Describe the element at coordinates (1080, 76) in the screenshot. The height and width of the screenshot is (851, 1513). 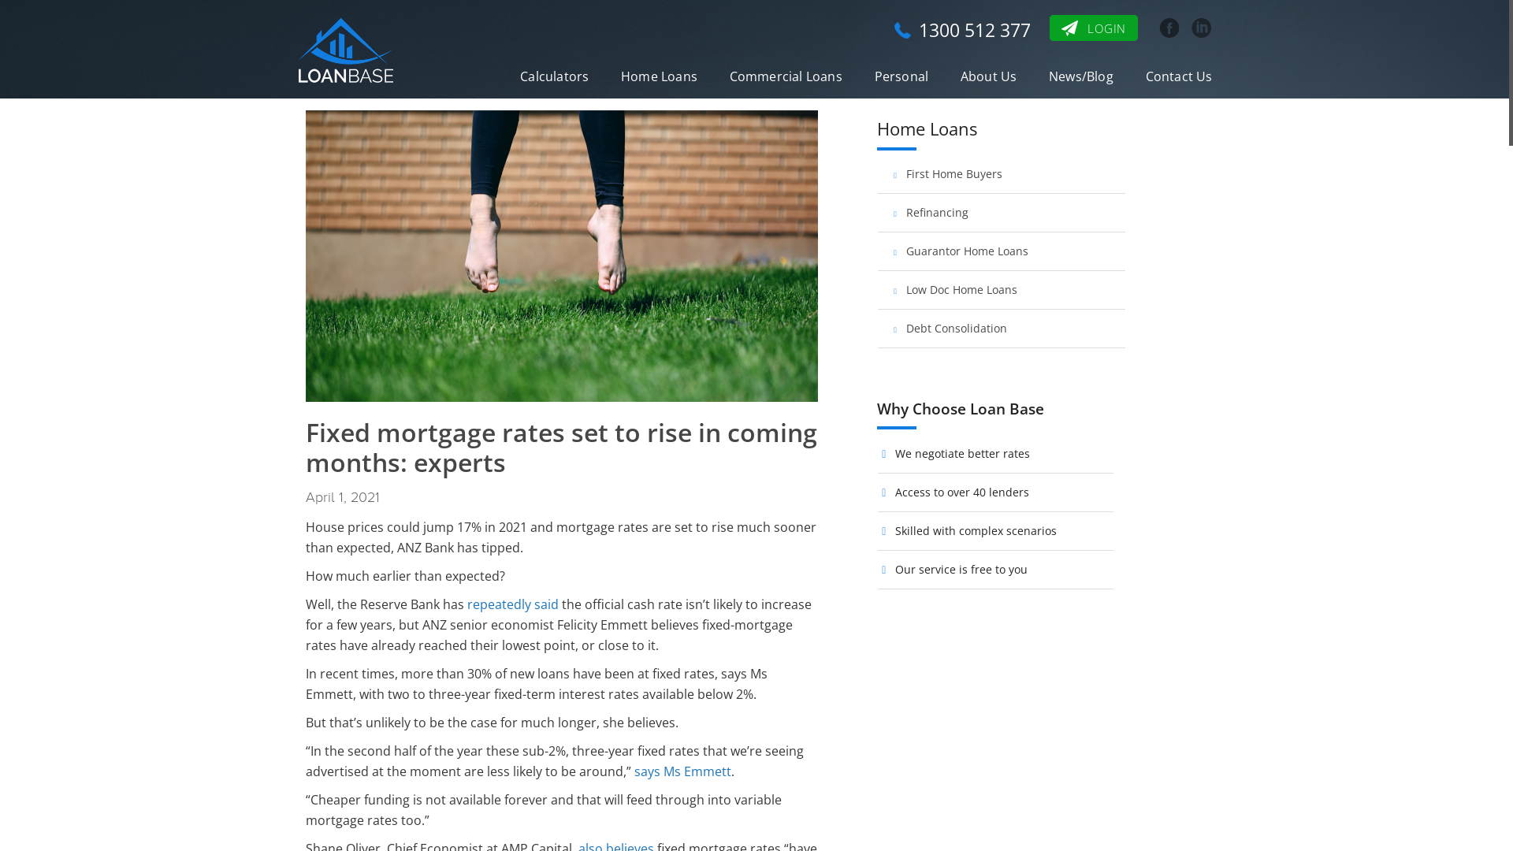
I see `'News/Blog'` at that location.